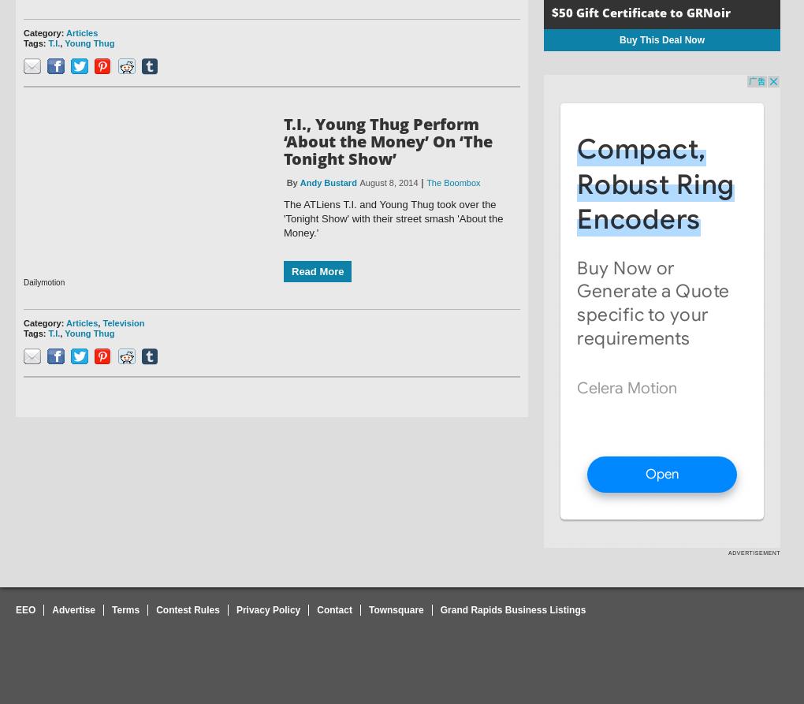 Image resolution: width=804 pixels, height=704 pixels. I want to click on 'Read More', so click(318, 271).